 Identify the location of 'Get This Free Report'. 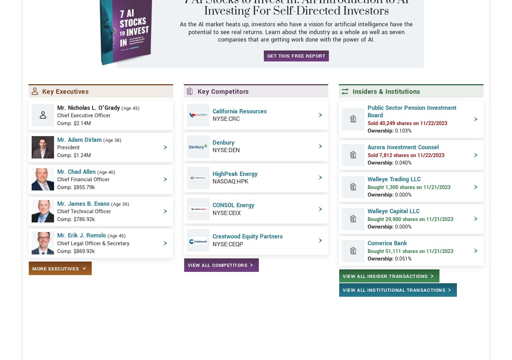
(296, 81).